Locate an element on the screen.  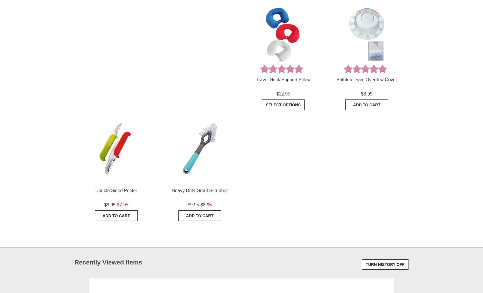
'Bathtub Drain Overflow Cover' is located at coordinates (366, 80).